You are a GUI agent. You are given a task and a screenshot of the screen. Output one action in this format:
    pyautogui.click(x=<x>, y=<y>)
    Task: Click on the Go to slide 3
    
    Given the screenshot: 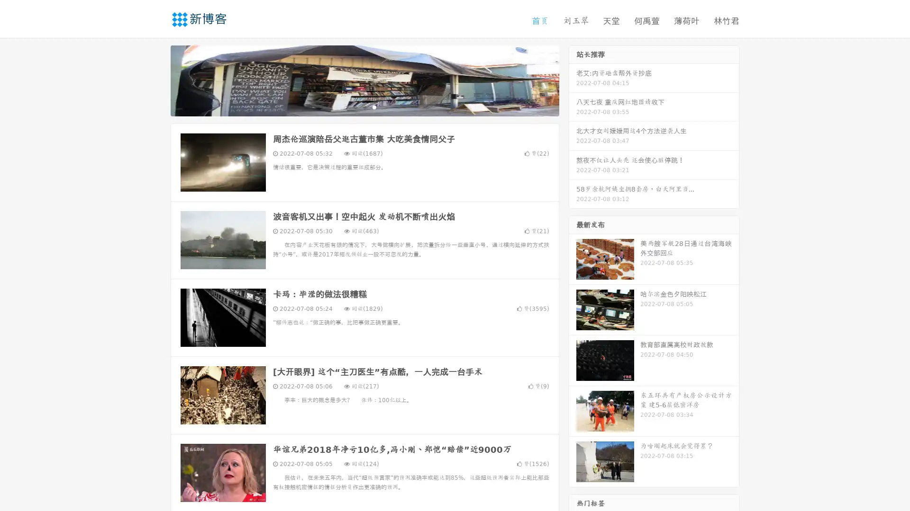 What is the action you would take?
    pyautogui.click(x=374, y=106)
    